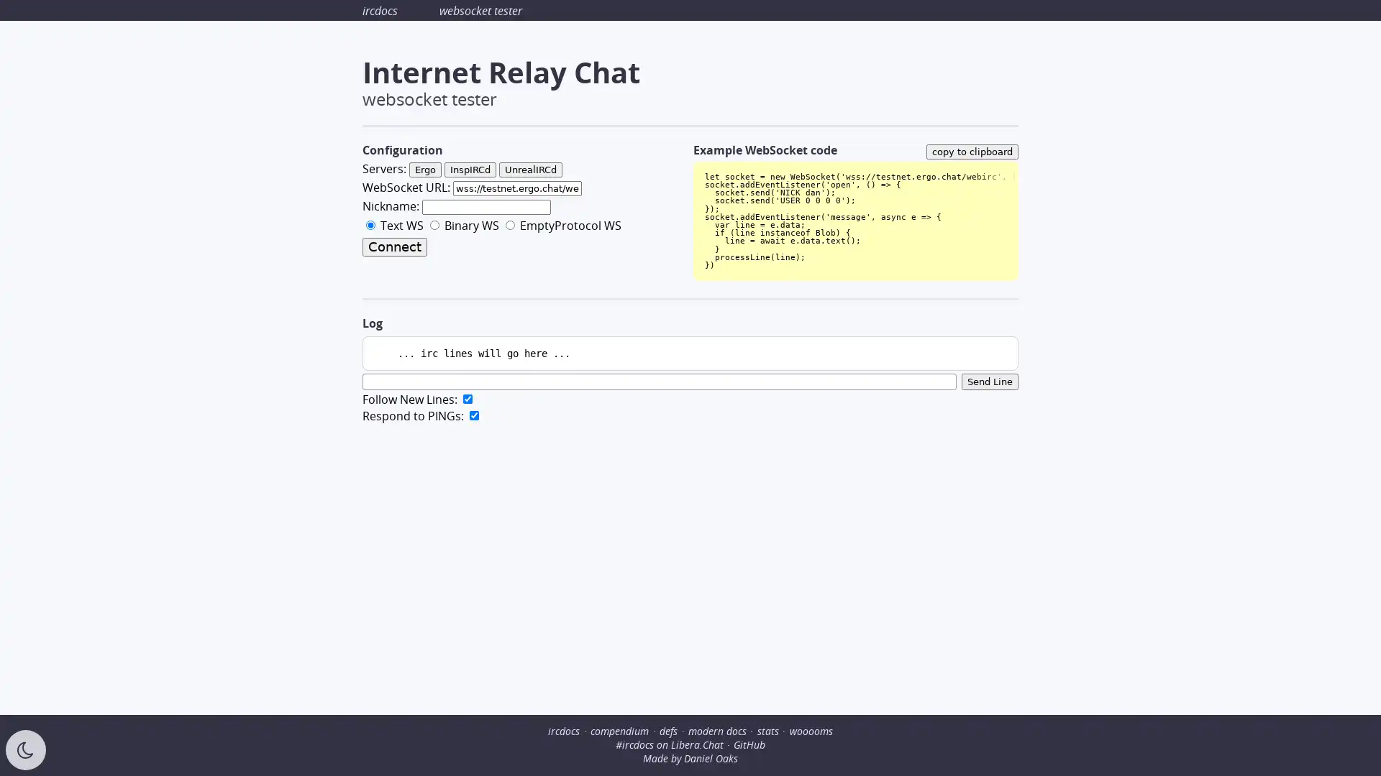  What do you see at coordinates (470, 169) in the screenshot?
I see `InspIRCd` at bounding box center [470, 169].